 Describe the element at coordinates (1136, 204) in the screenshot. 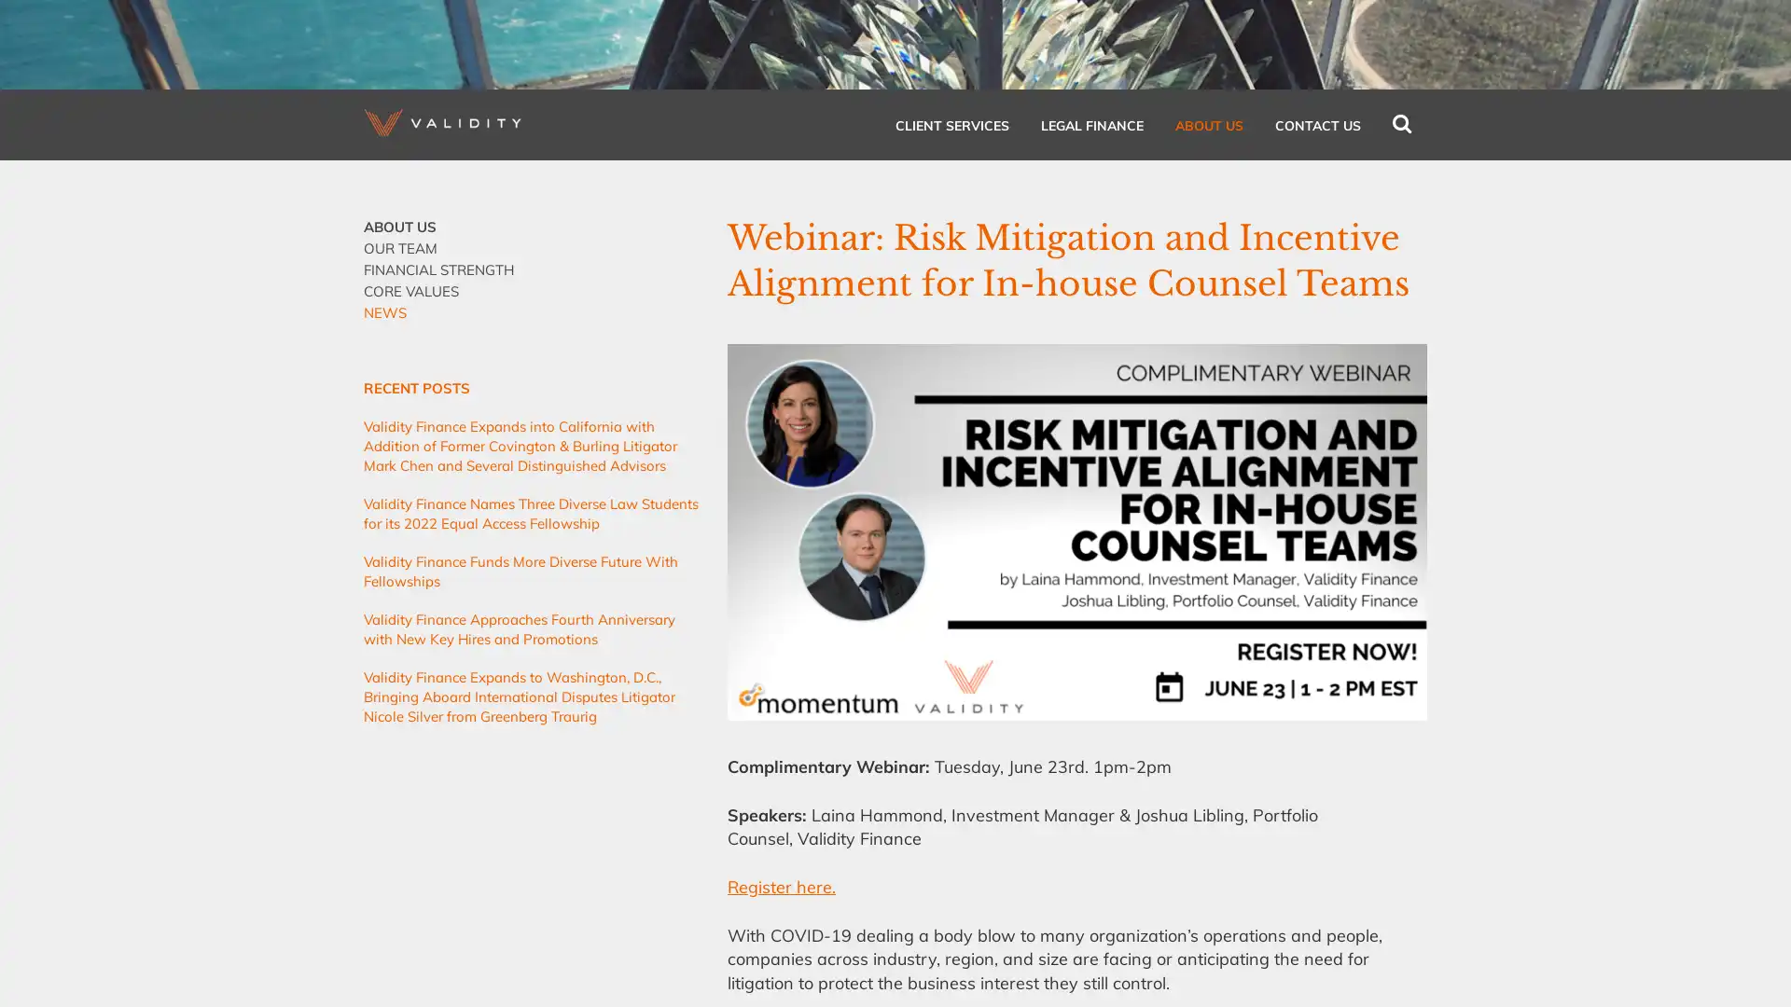

I see `Close` at that location.